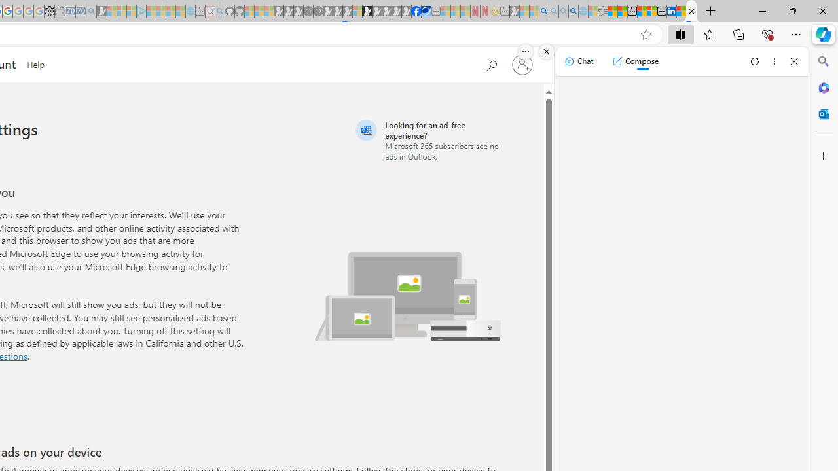 This screenshot has height=471, width=838. What do you see at coordinates (430, 140) in the screenshot?
I see `'Looking for an ad-free experience?'` at bounding box center [430, 140].